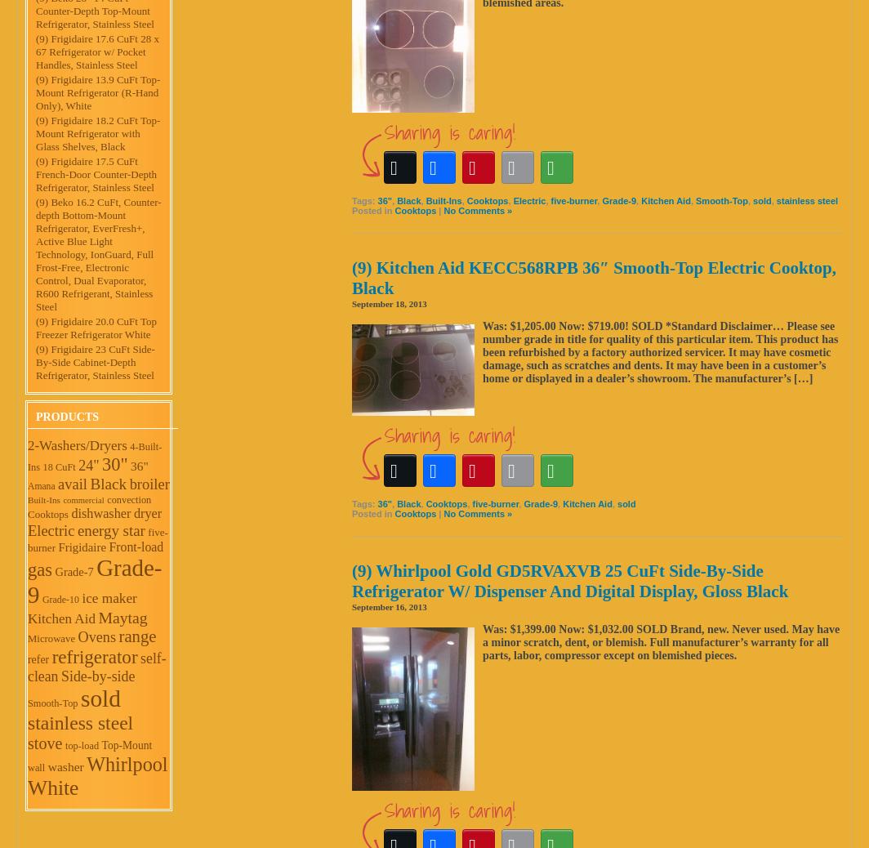  What do you see at coordinates (95, 361) in the screenshot?
I see `'(9) Frigidaire 23 CuFt Side-By-Side Cabinet-Depth Refrigerator, Stainless Steel'` at bounding box center [95, 361].